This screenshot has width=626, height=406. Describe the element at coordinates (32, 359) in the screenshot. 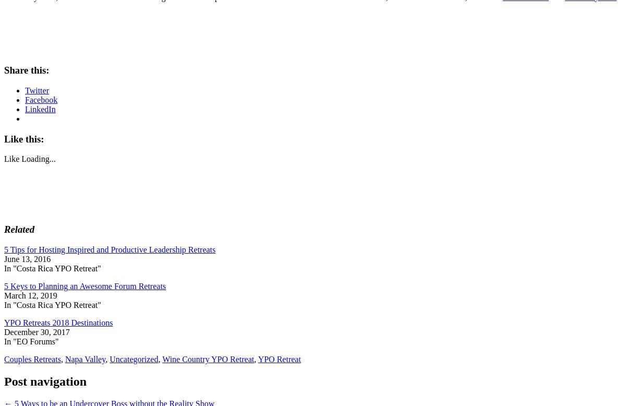

I see `'Couples Retreats'` at that location.